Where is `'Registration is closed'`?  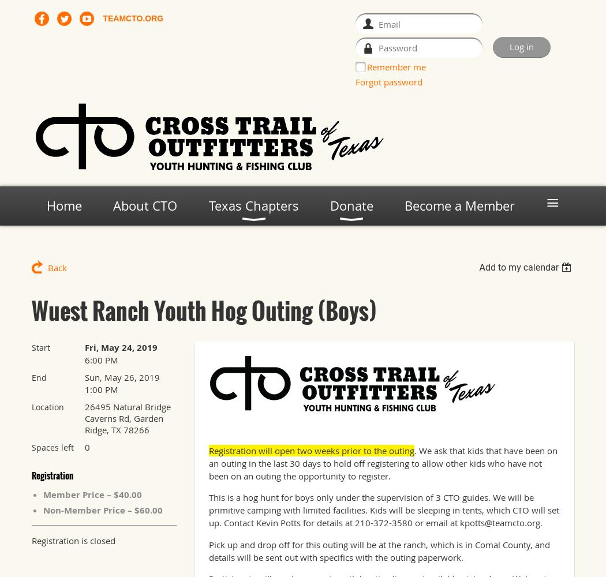 'Registration is closed' is located at coordinates (73, 540).